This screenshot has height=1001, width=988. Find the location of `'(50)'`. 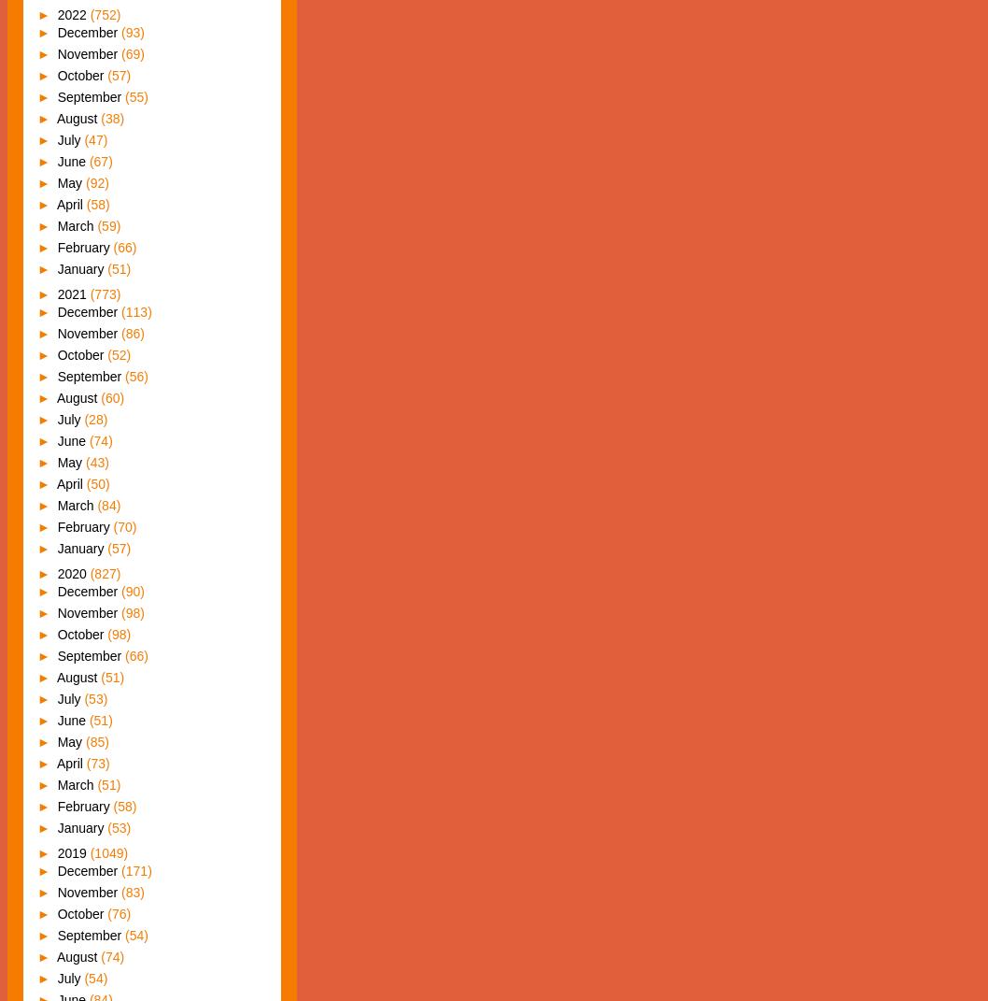

'(50)' is located at coordinates (96, 483).